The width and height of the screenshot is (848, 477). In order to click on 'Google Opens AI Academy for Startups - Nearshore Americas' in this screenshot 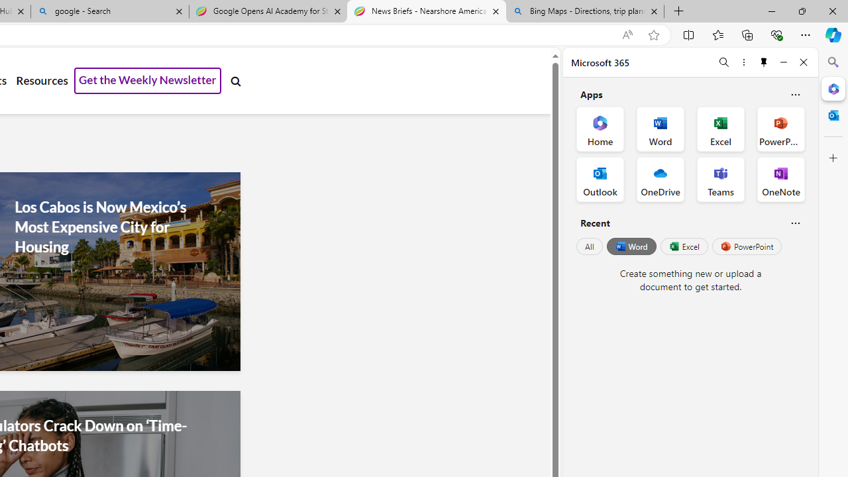, I will do `click(267, 11)`.